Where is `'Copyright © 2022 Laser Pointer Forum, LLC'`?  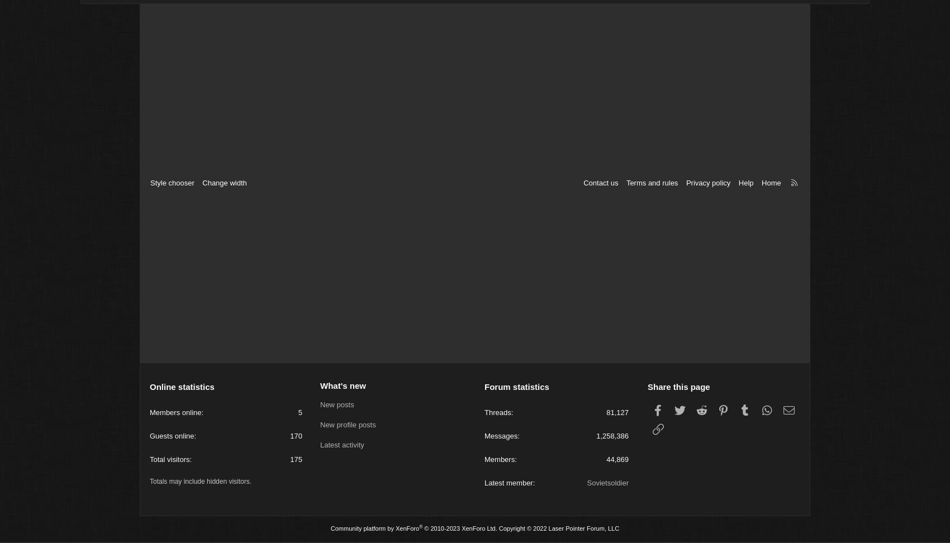 'Copyright © 2022 Laser Pointer Forum, LLC' is located at coordinates (496, 530).